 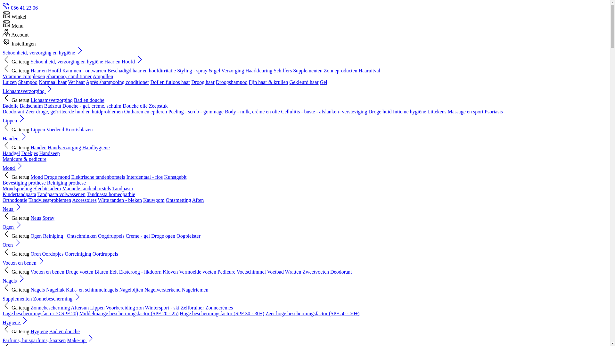 I want to click on 'Handzeep', so click(x=49, y=153).